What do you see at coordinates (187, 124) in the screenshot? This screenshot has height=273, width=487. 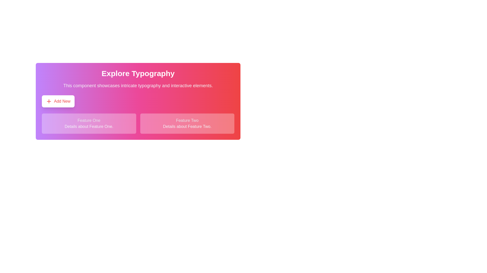 I see `the informational card displaying 'Feature Two' that provides details about this feature, located in the right column of the two-column grid layout` at bounding box center [187, 124].